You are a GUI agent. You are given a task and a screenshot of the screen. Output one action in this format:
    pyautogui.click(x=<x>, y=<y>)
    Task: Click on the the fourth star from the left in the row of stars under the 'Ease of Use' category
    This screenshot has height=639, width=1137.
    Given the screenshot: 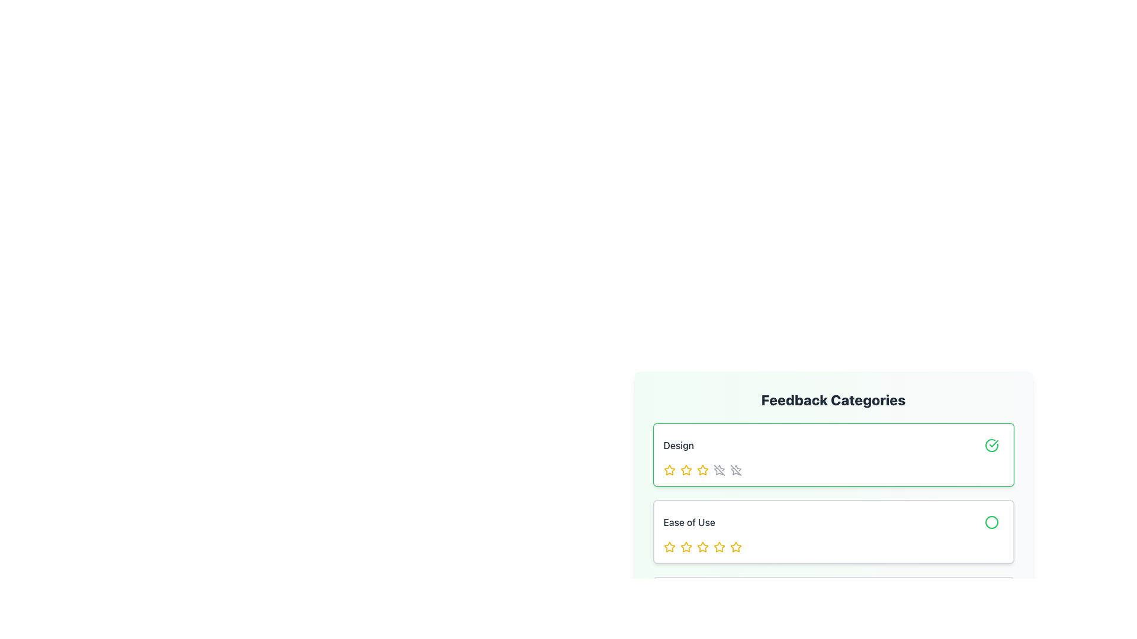 What is the action you would take?
    pyautogui.click(x=718, y=547)
    